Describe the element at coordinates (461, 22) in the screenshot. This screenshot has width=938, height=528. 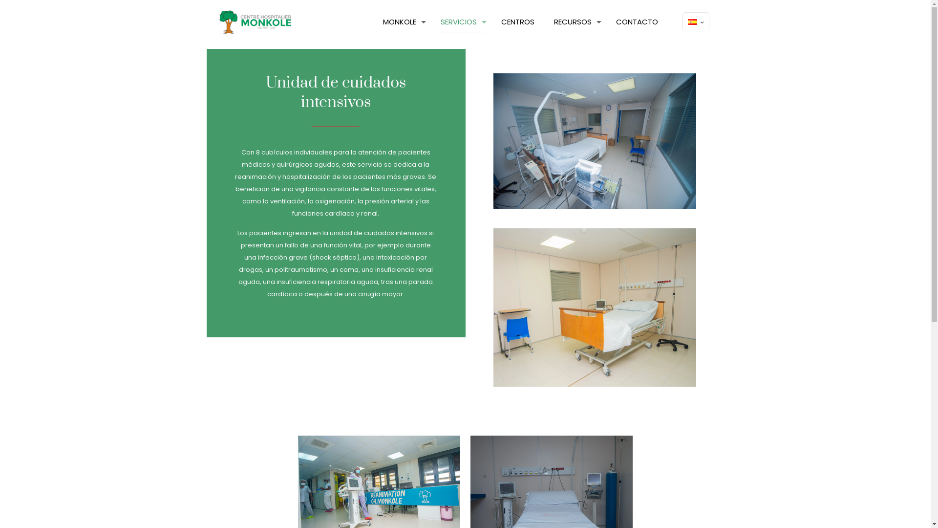
I see `'SERVICIOS'` at that location.